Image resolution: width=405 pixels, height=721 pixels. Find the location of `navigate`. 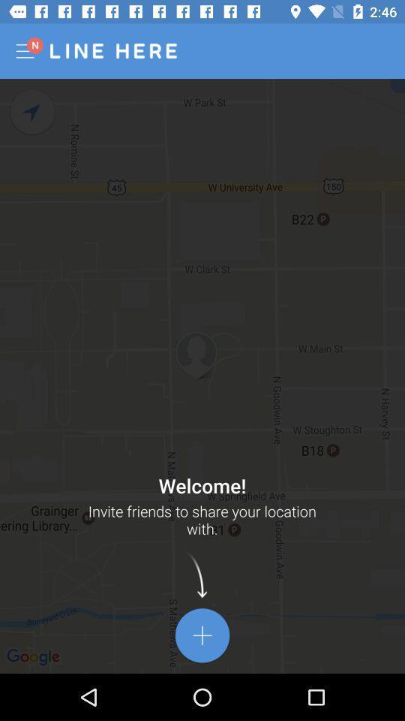

navigate is located at coordinates (33, 111).